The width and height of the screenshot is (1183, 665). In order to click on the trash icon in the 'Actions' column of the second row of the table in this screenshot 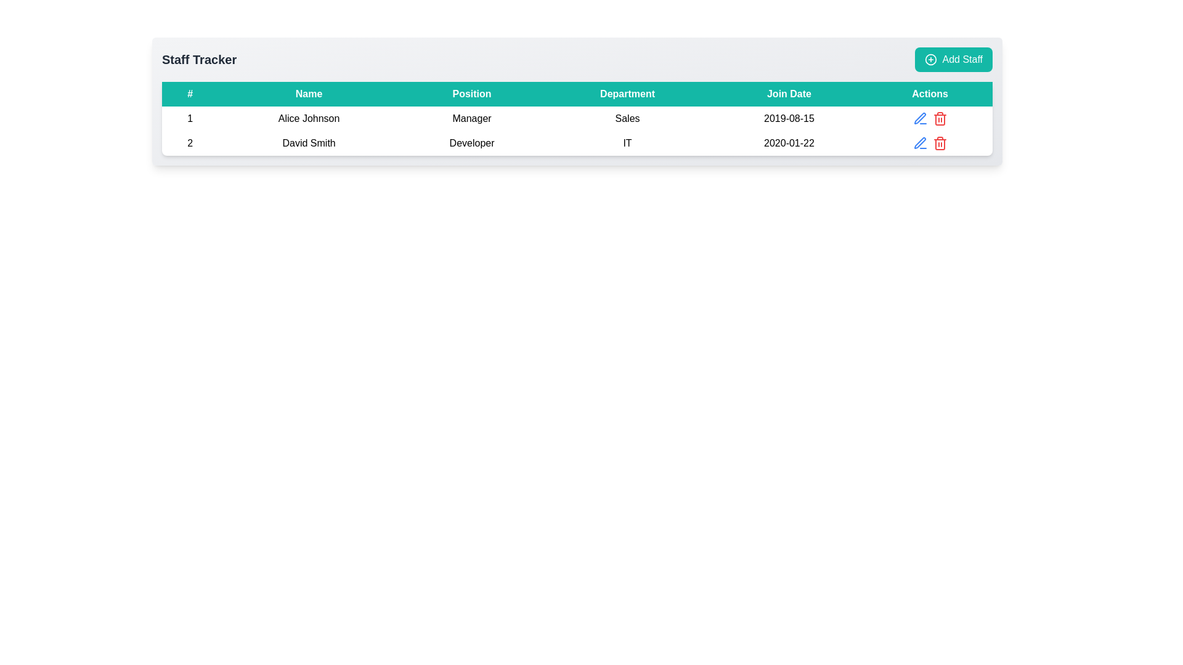, I will do `click(939, 118)`.